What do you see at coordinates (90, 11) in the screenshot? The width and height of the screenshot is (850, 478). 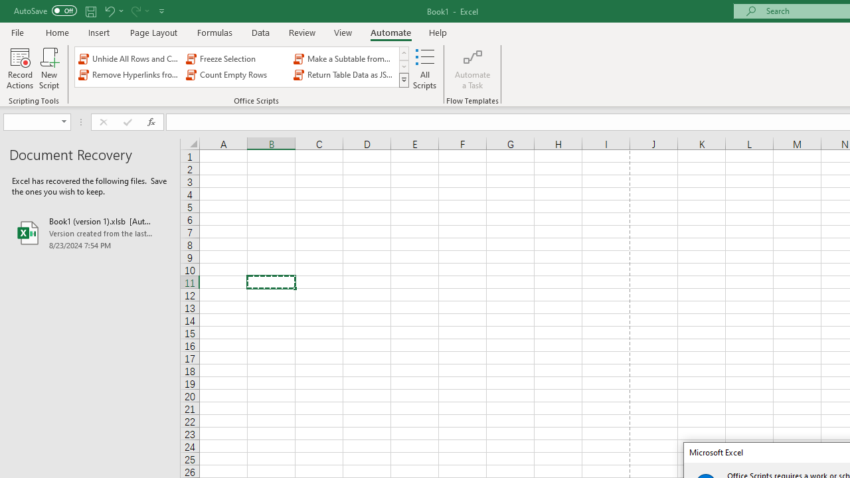 I see `'Quick Access Toolbar'` at bounding box center [90, 11].